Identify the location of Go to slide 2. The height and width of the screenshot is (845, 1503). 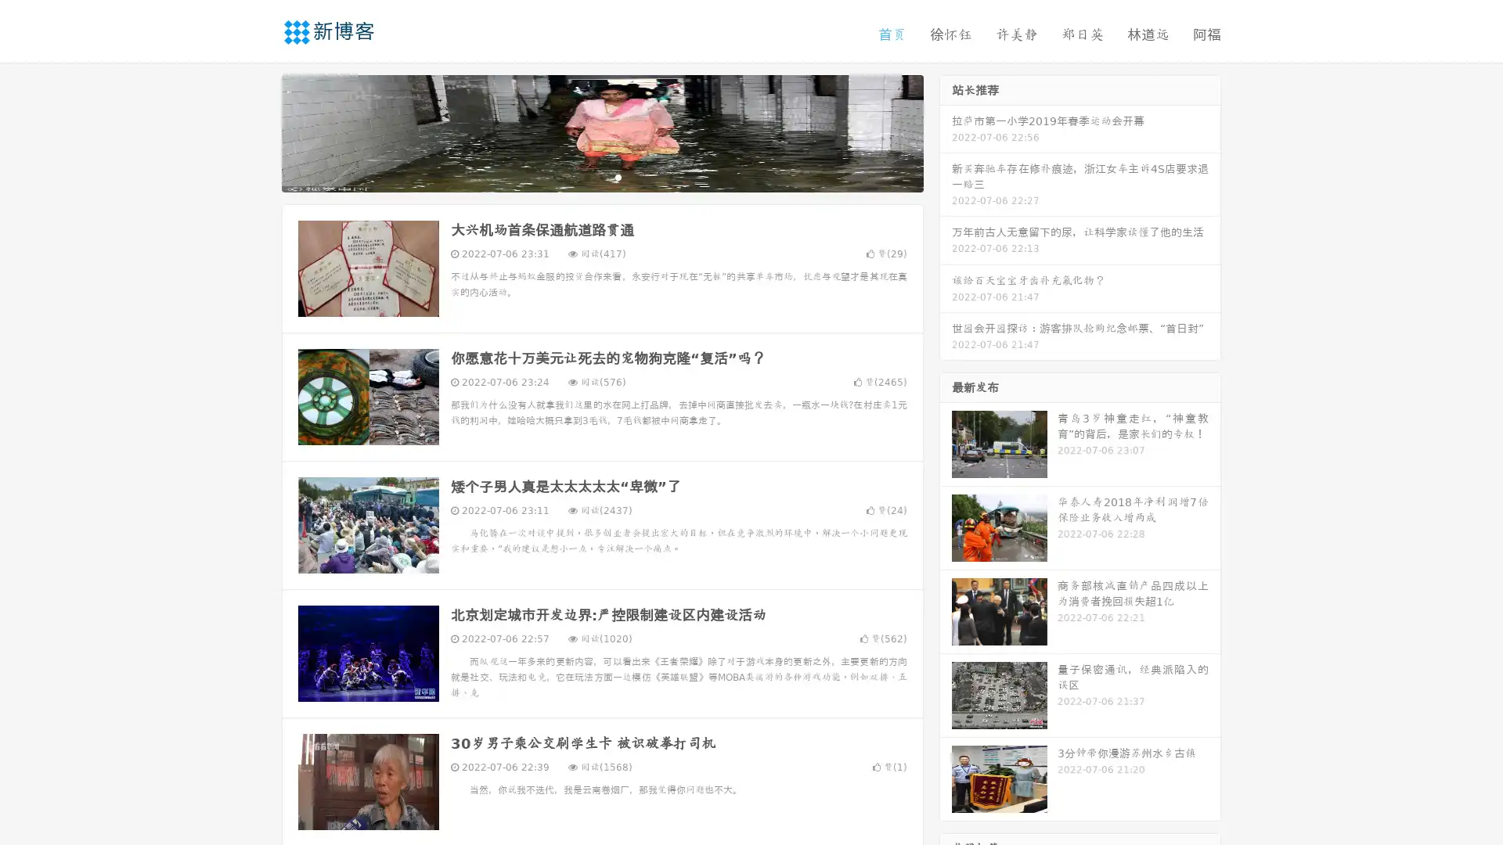
(601, 176).